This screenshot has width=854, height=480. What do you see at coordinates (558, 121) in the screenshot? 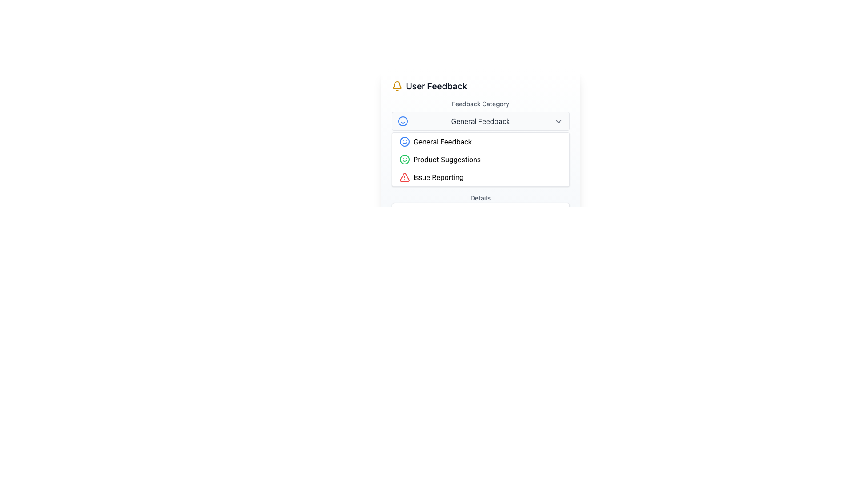
I see `the downward-pointing gray chevron icon located to the right of the 'General Feedback' text within the dropdown menu trigger` at bounding box center [558, 121].